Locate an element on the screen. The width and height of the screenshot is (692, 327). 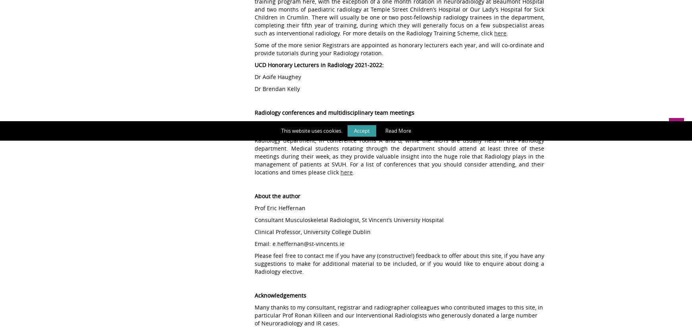
'The consultants and SpRs in the department participate in over 25 weekly Radiology conferences and MDTs involving the majority of the medical and surgical specialties in the hospital. Most of these take place in the Radiology department, in conference rooms A and B, while the MDTs are usually held in the Pathology department. Medical students rotating through the department should attend at least three of these meetings during their week, as they provide valuable insight into the huge role that Radiology plays in the management of patients at SVUH. For a list of conferences that you should consider attending, and their locations and times please click' is located at coordinates (399, 148).